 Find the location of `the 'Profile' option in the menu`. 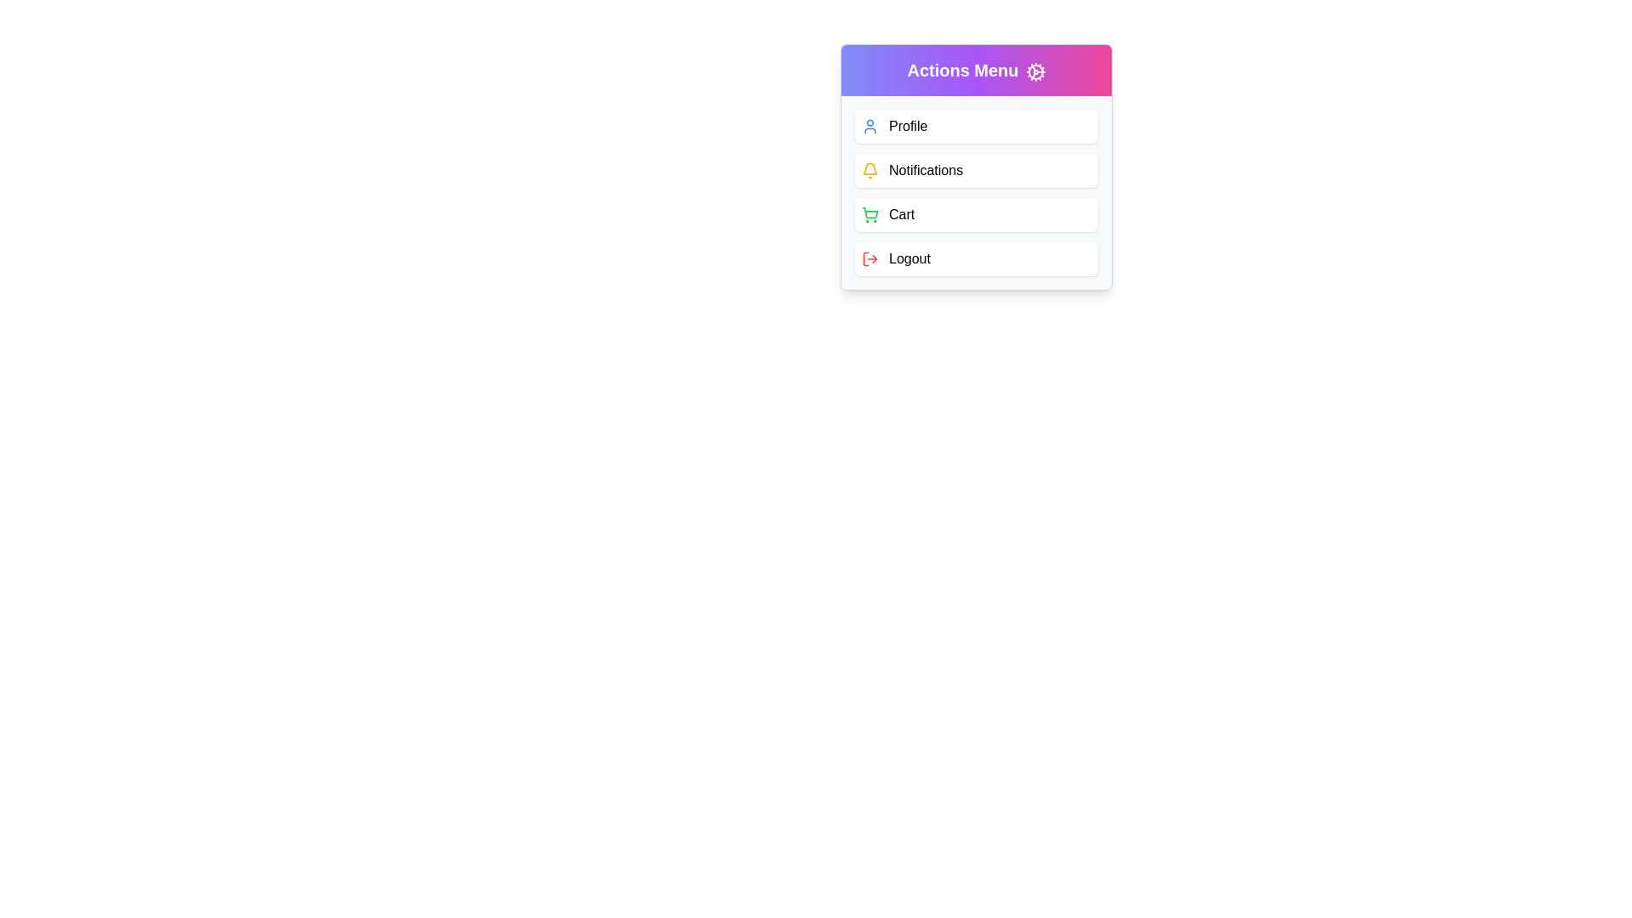

the 'Profile' option in the menu is located at coordinates (976, 126).